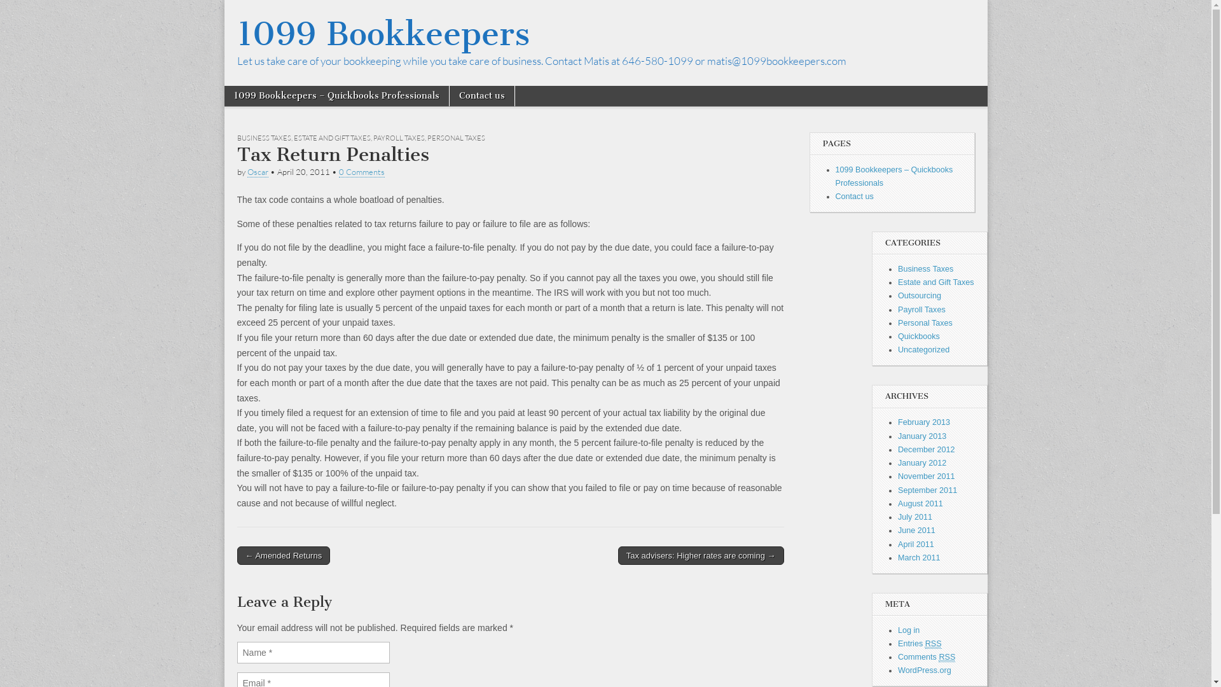 The height and width of the screenshot is (687, 1221). What do you see at coordinates (897, 557) in the screenshot?
I see `'March 2011'` at bounding box center [897, 557].